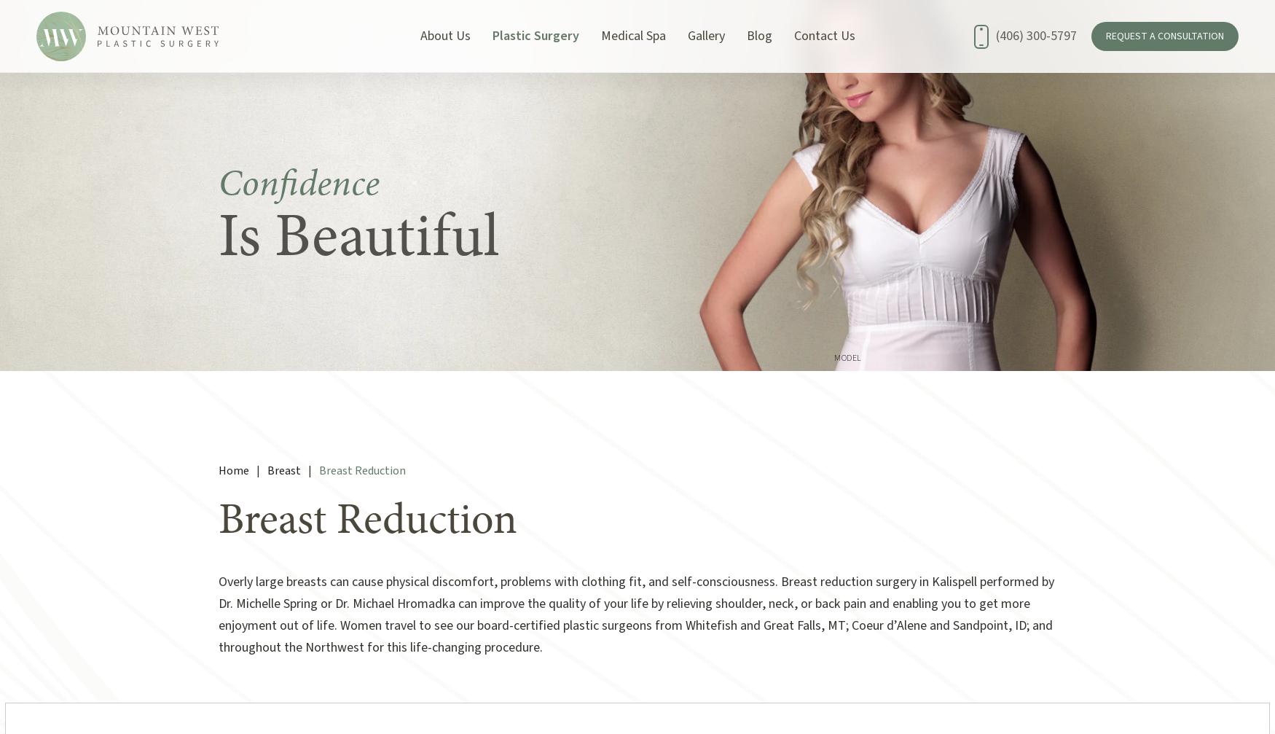 Image resolution: width=1275 pixels, height=734 pixels. I want to click on 'Contact Us', so click(823, 36).